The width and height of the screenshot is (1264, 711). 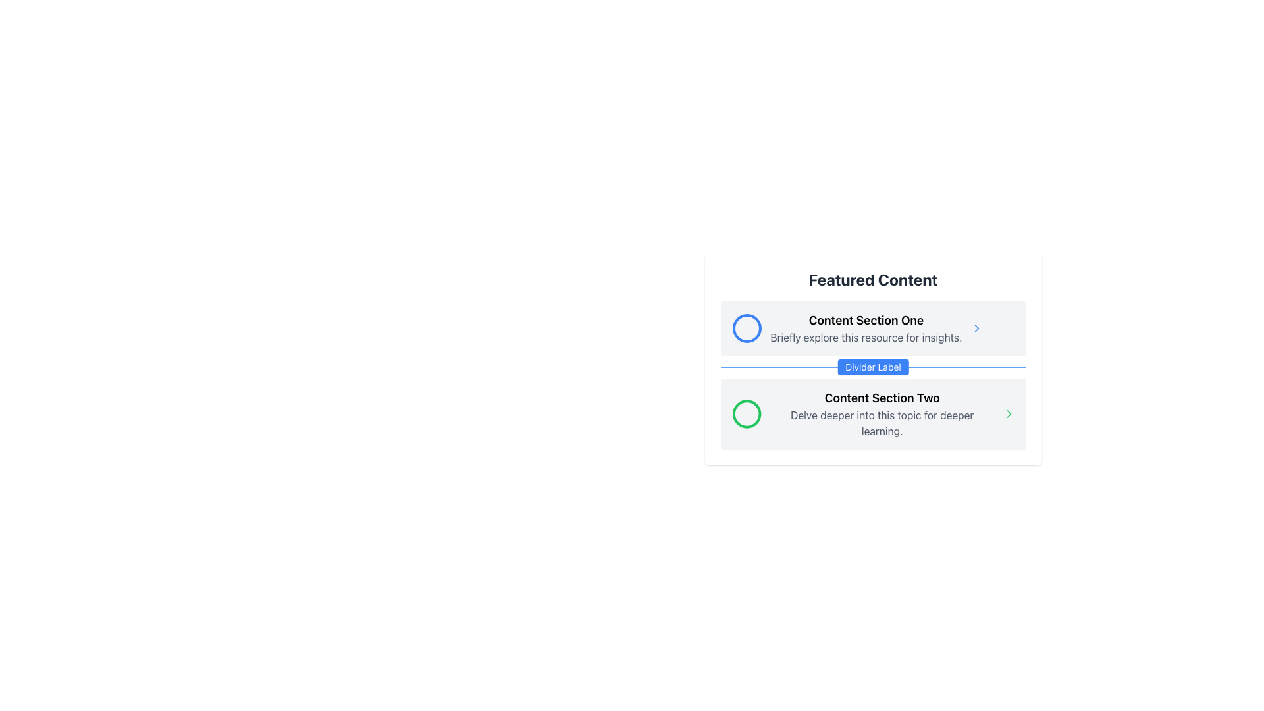 What do you see at coordinates (873, 367) in the screenshot?
I see `text from the label with the blue background that says 'Divider Label', which is centrally positioned within a horizontal divider between two content sections` at bounding box center [873, 367].